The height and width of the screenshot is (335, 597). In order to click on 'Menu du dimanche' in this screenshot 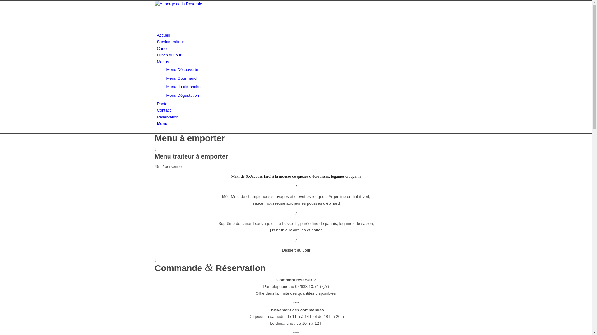, I will do `click(166, 87)`.